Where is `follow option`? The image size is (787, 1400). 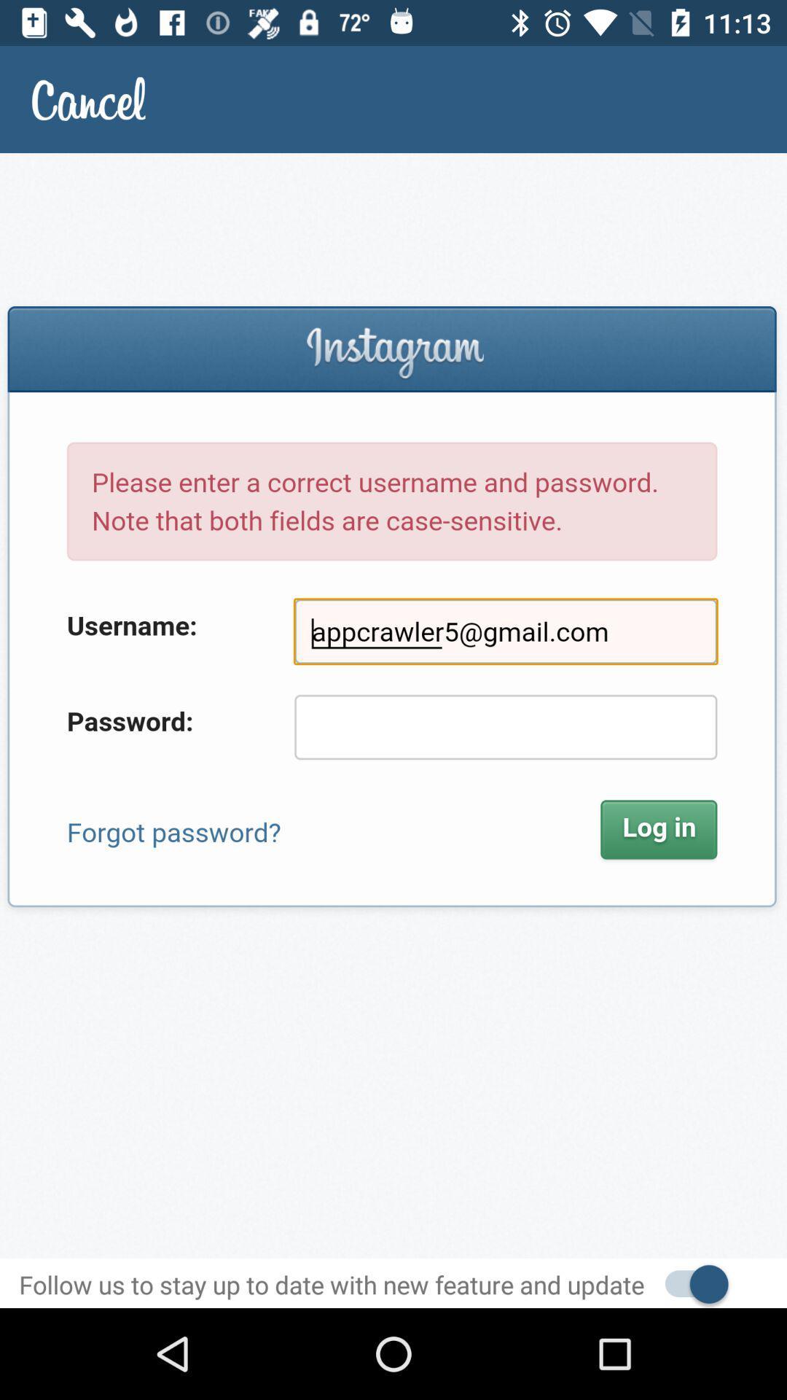 follow option is located at coordinates (689, 1282).